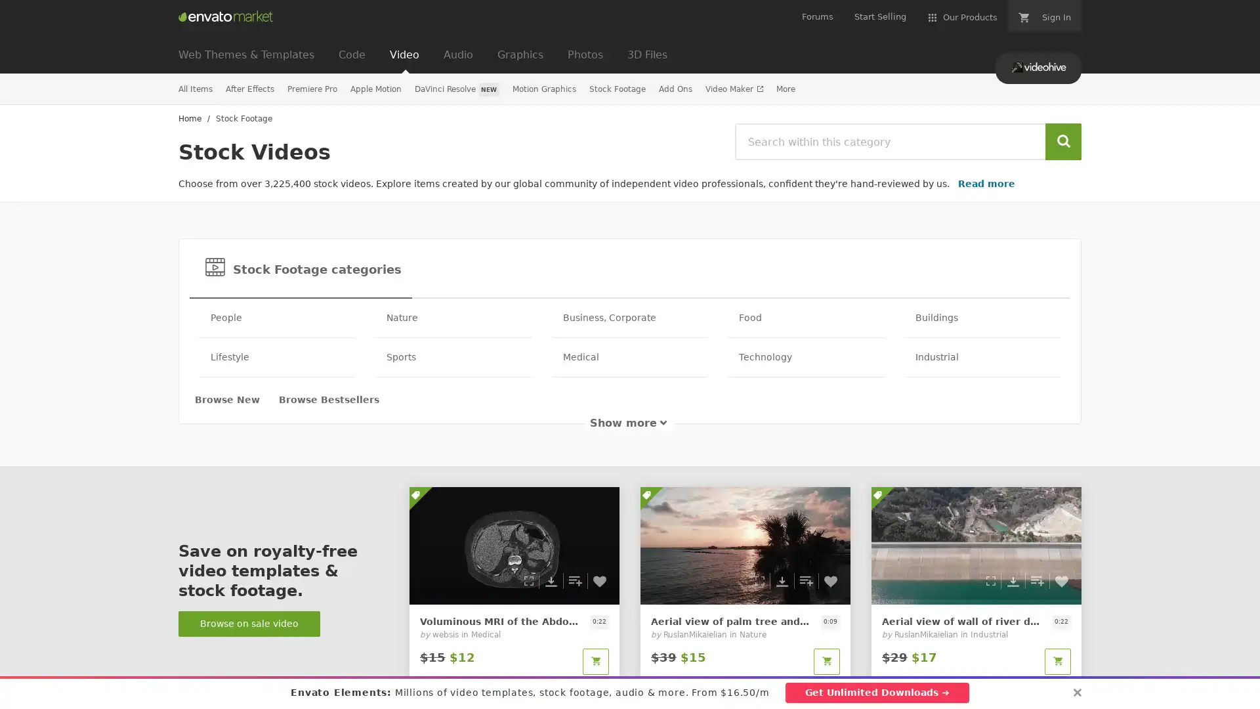 The image size is (1260, 709). I want to click on Add to Favorites, so click(598, 580).